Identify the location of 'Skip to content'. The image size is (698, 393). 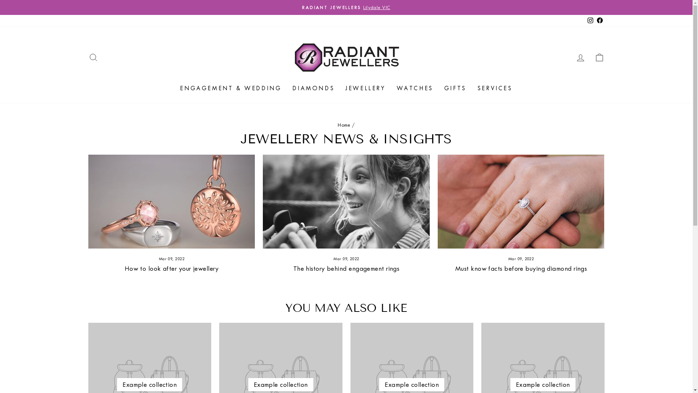
(0, 0).